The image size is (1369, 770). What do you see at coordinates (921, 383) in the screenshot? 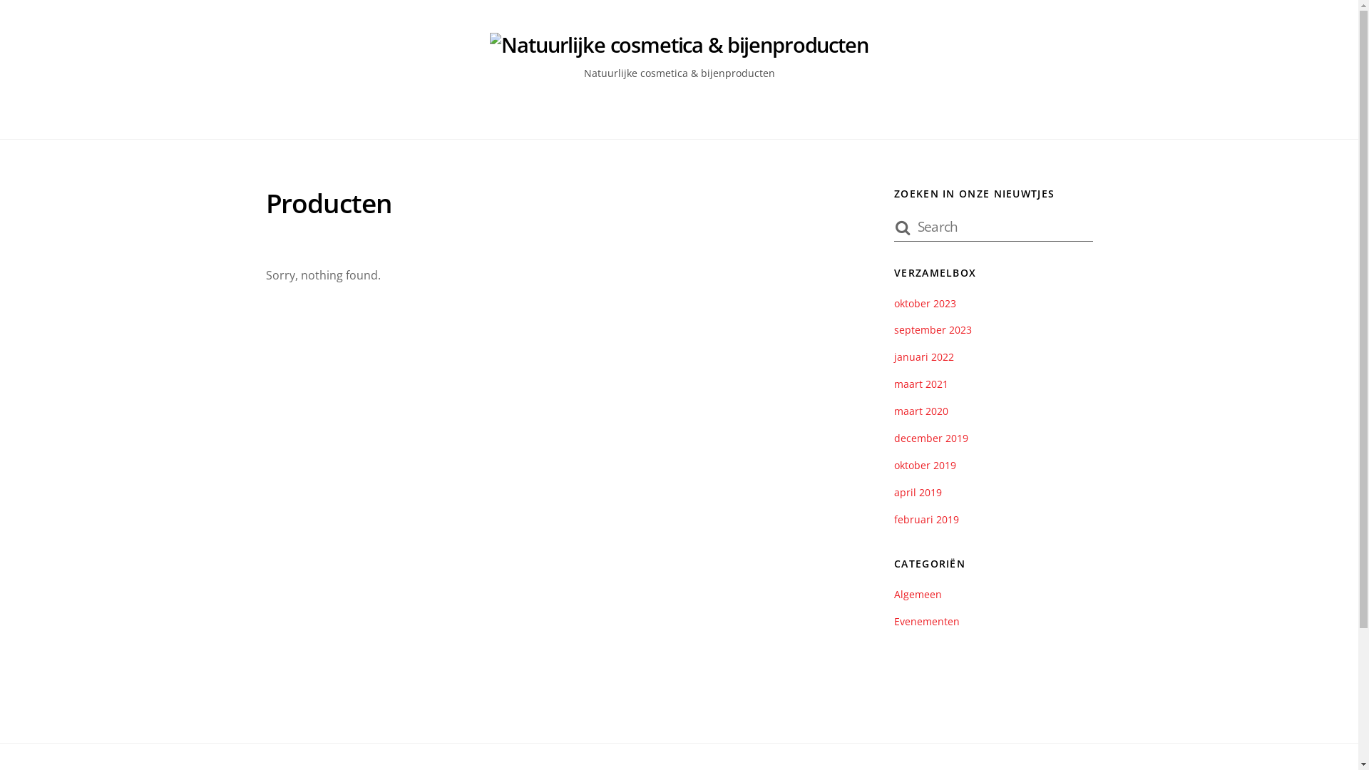
I see `'maart 2021'` at bounding box center [921, 383].